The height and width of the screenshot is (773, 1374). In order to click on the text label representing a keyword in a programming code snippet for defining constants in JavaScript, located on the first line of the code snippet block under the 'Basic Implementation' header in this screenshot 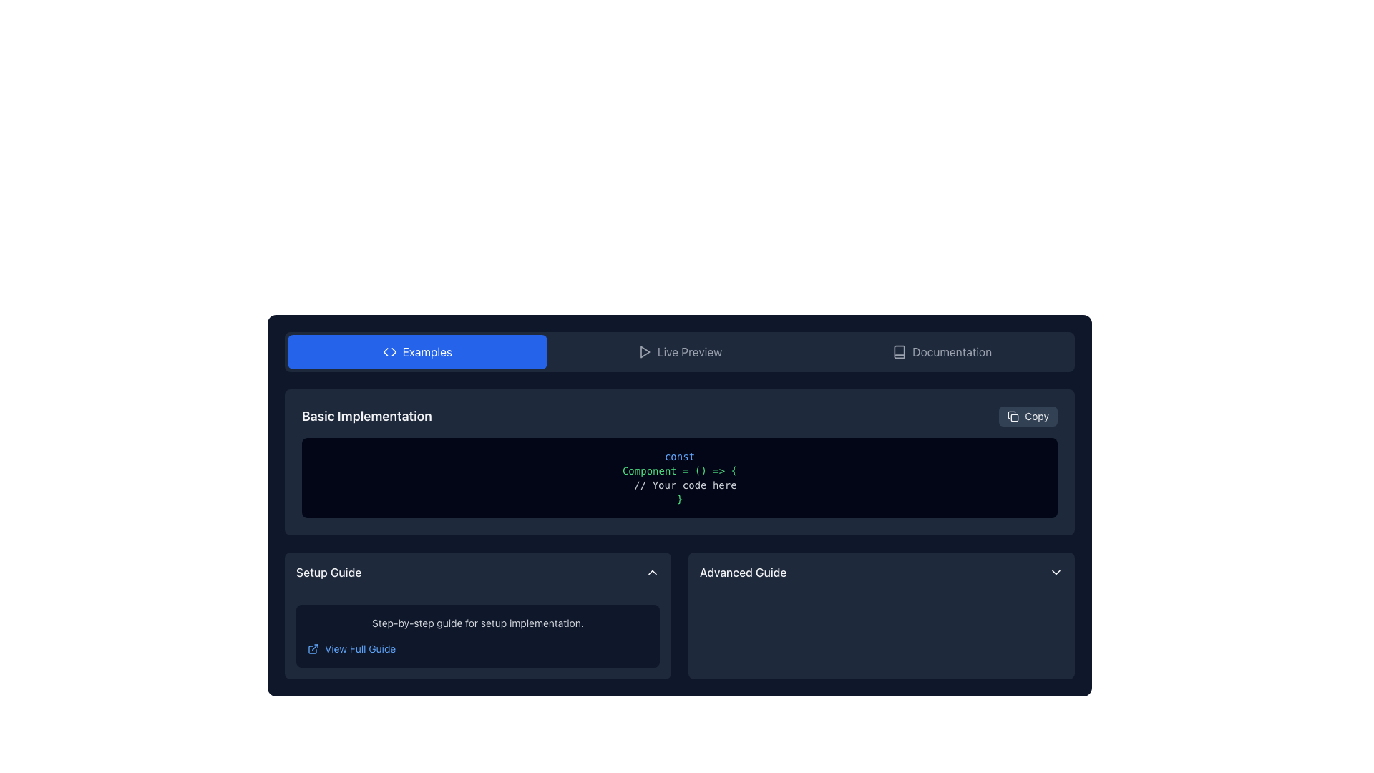, I will do `click(679, 456)`.